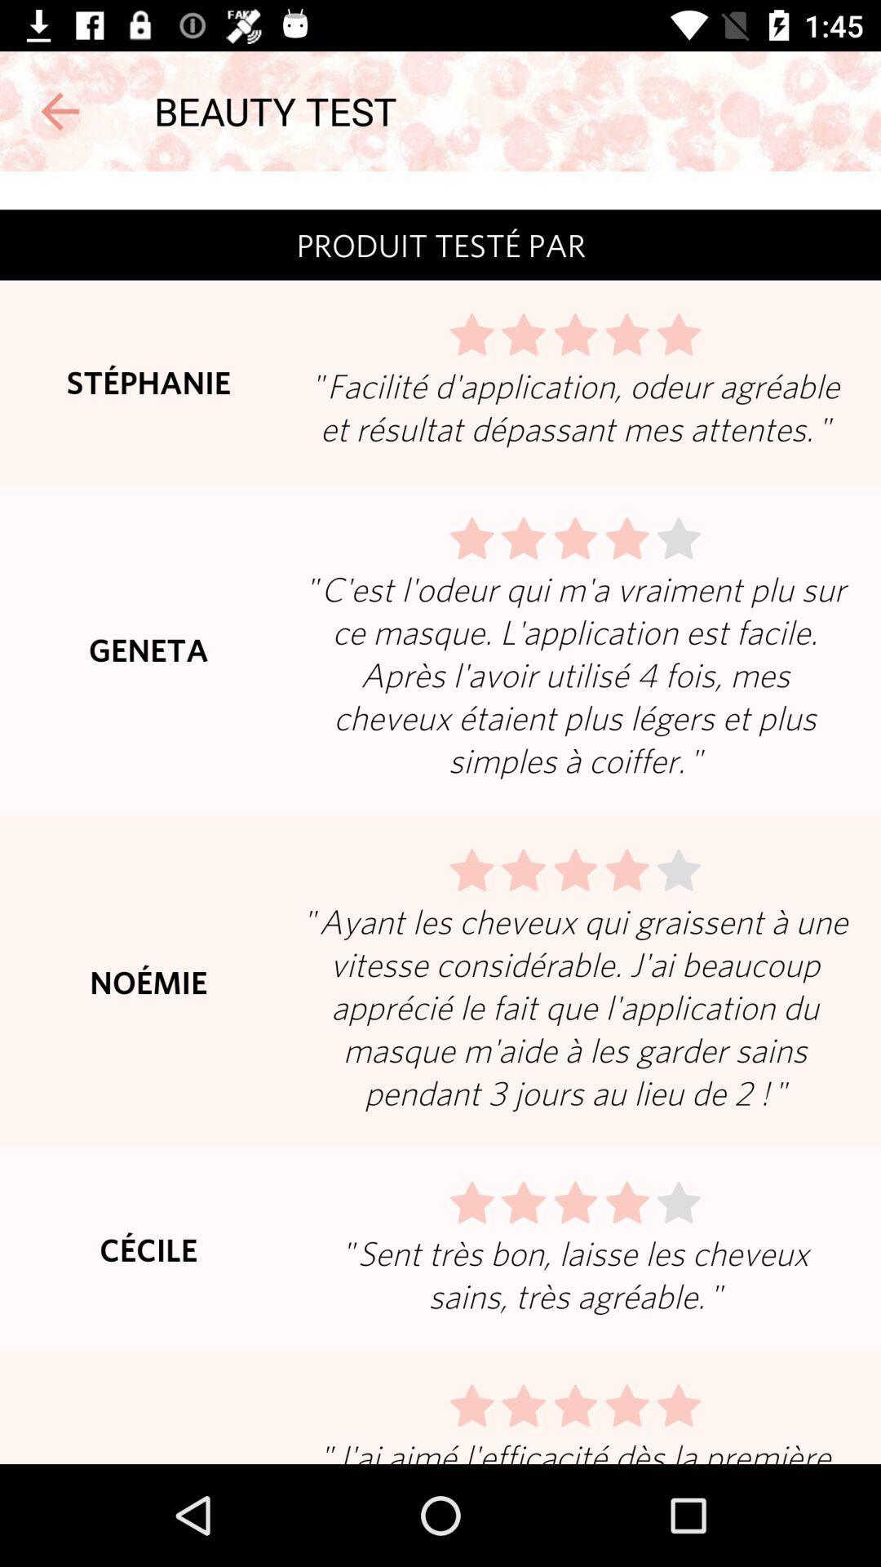 This screenshot has width=881, height=1567. What do you see at coordinates (59, 110) in the screenshot?
I see `go back` at bounding box center [59, 110].